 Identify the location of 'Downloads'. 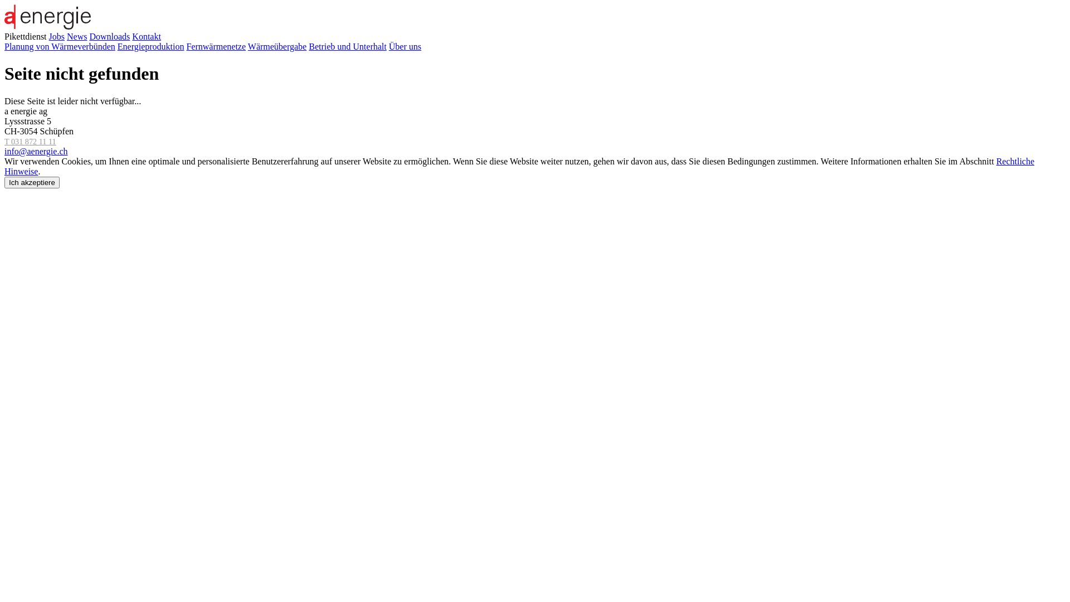
(109, 36).